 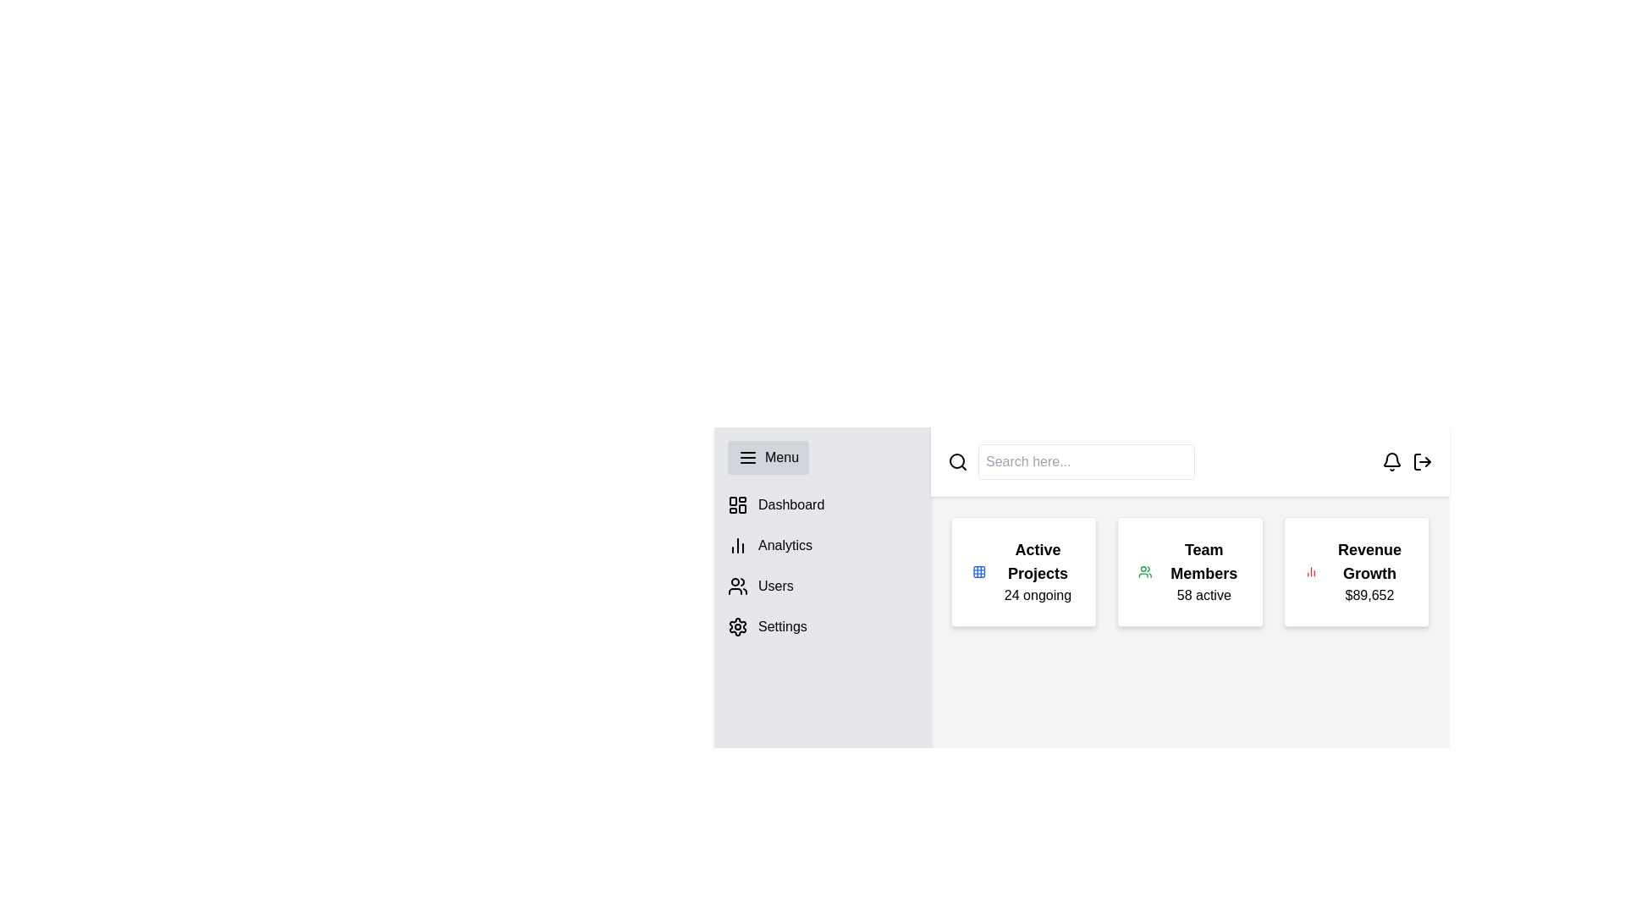 What do you see at coordinates (1189, 571) in the screenshot?
I see `the Display card which shows 'Team Members' with a green icon of people on the left, located at the center coordinates` at bounding box center [1189, 571].